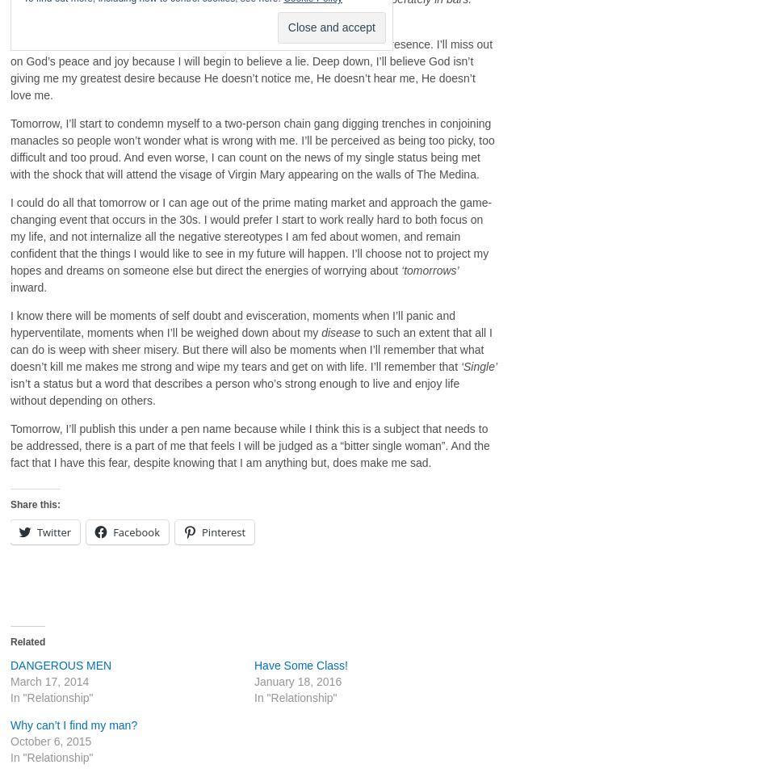 This screenshot has height=773, width=759. I want to click on 'inward.', so click(28, 288).